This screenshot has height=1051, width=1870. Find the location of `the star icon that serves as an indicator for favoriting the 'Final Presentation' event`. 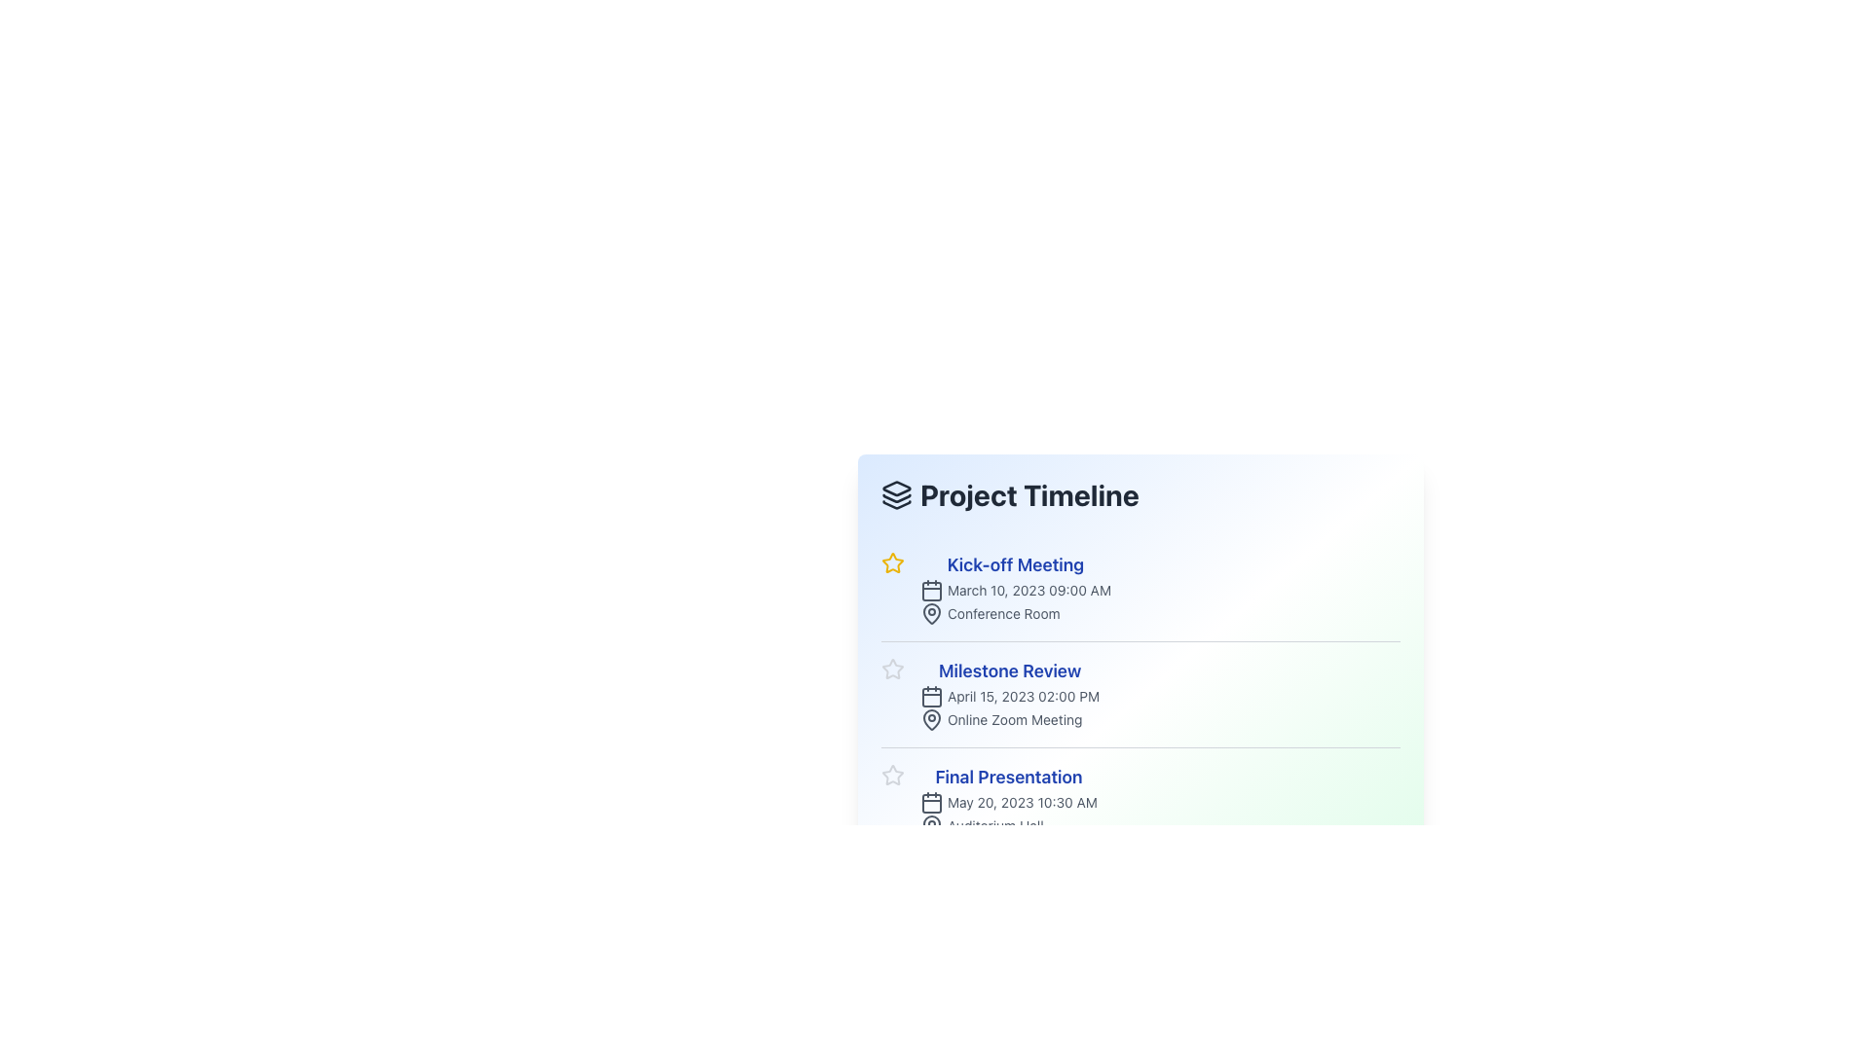

the star icon that serves as an indicator for favoriting the 'Final Presentation' event is located at coordinates (891, 775).